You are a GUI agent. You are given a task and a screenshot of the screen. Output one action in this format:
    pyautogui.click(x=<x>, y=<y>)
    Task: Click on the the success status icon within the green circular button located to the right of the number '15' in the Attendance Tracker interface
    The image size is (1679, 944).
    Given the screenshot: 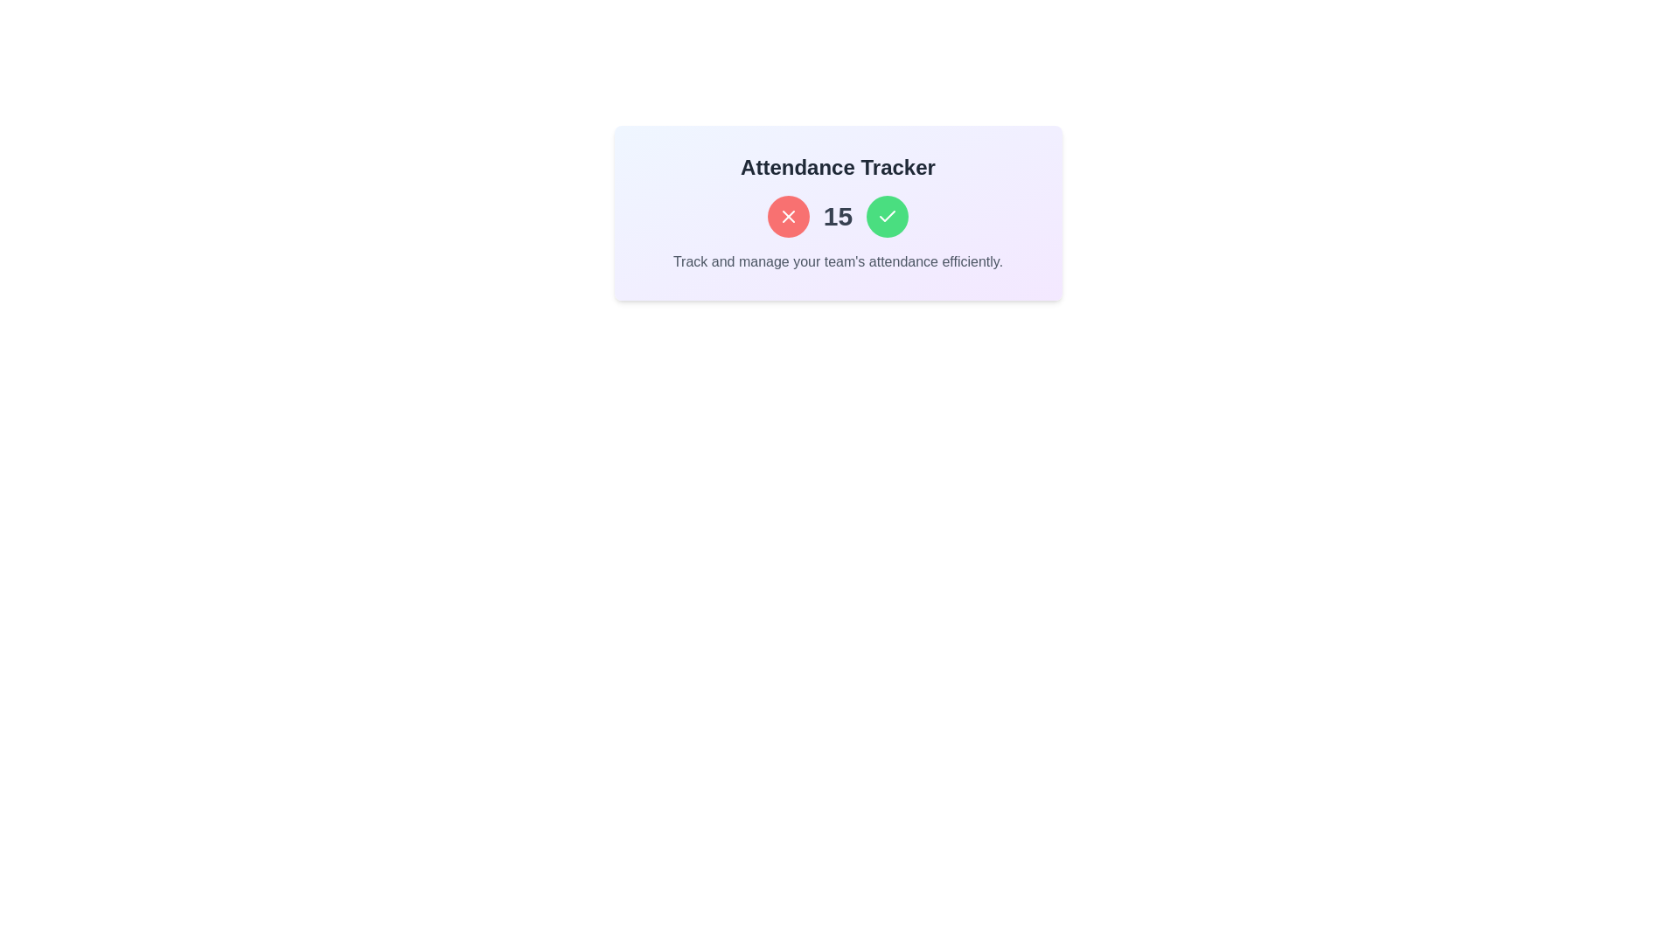 What is the action you would take?
    pyautogui.click(x=888, y=215)
    